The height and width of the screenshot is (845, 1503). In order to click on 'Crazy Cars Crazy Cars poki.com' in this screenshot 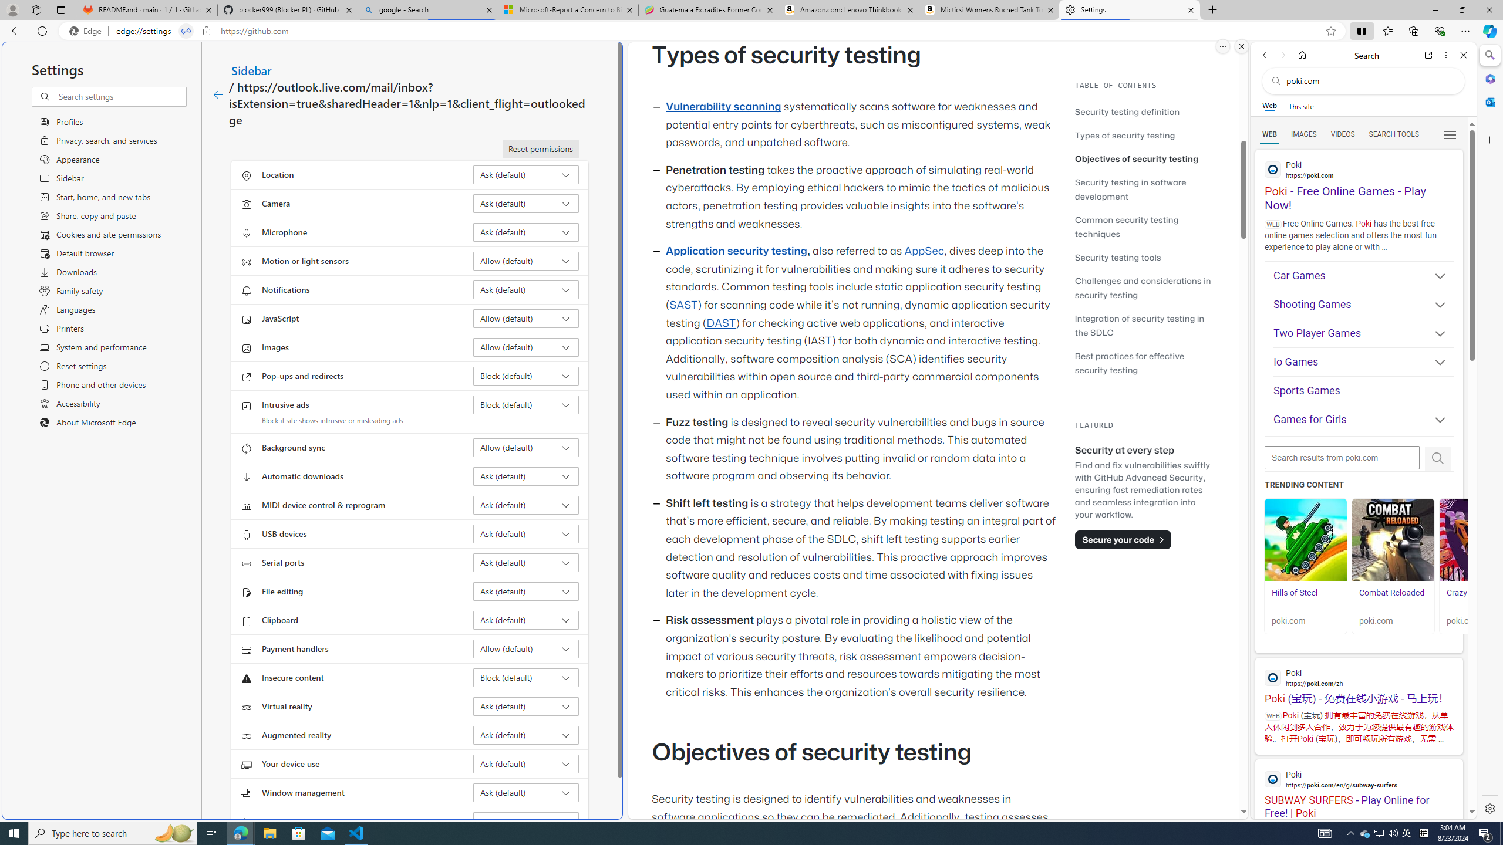, I will do `click(1480, 566)`.